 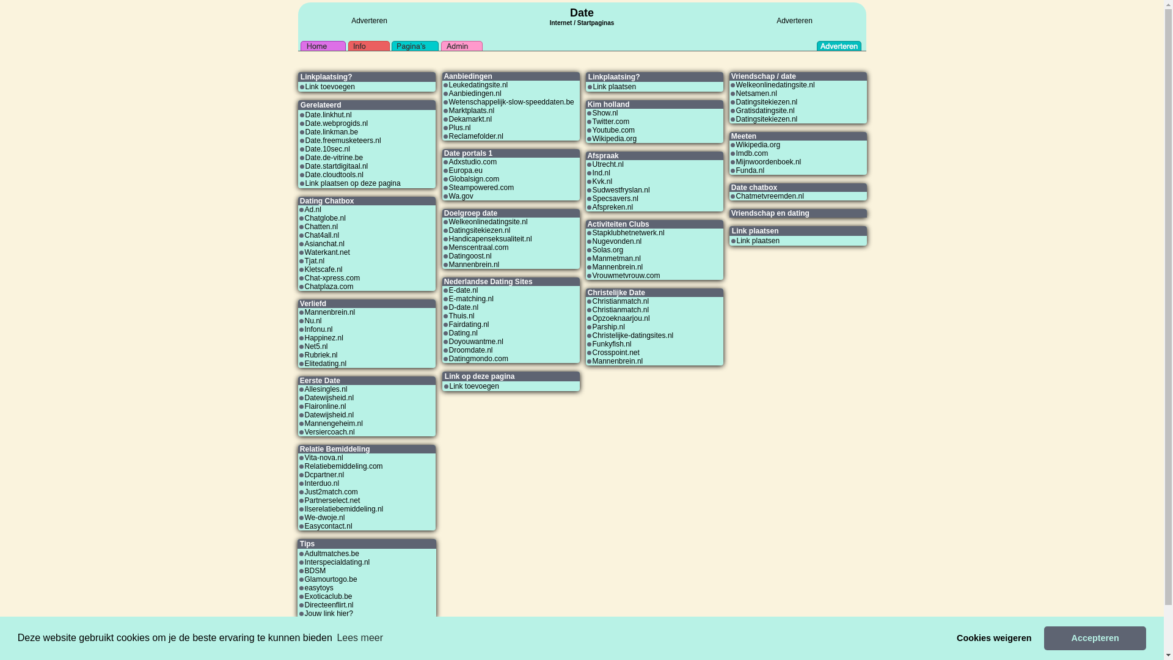 What do you see at coordinates (475, 342) in the screenshot?
I see `'Doyouwantme.nl'` at bounding box center [475, 342].